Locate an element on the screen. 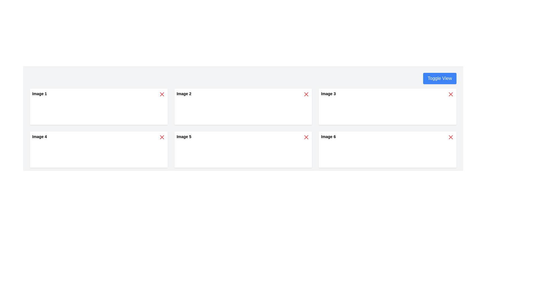  the static text label displaying 'Image 6', which is located at the top-left corner of the sixth box in a grid layout is located at coordinates (328, 136).